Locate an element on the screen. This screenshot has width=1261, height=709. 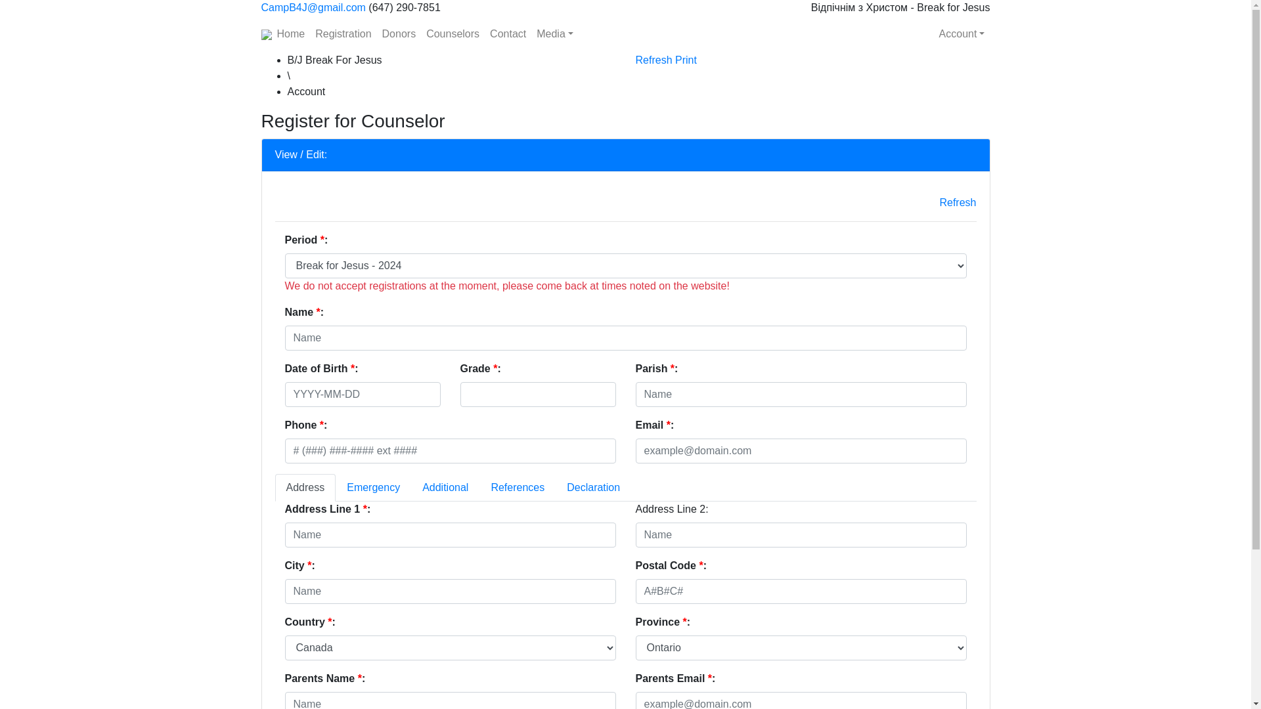
'Additional' is located at coordinates (445, 488).